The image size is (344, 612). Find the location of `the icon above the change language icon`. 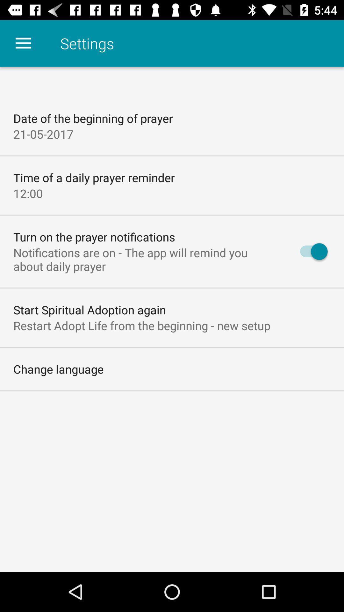

the icon above the change language icon is located at coordinates (141, 325).